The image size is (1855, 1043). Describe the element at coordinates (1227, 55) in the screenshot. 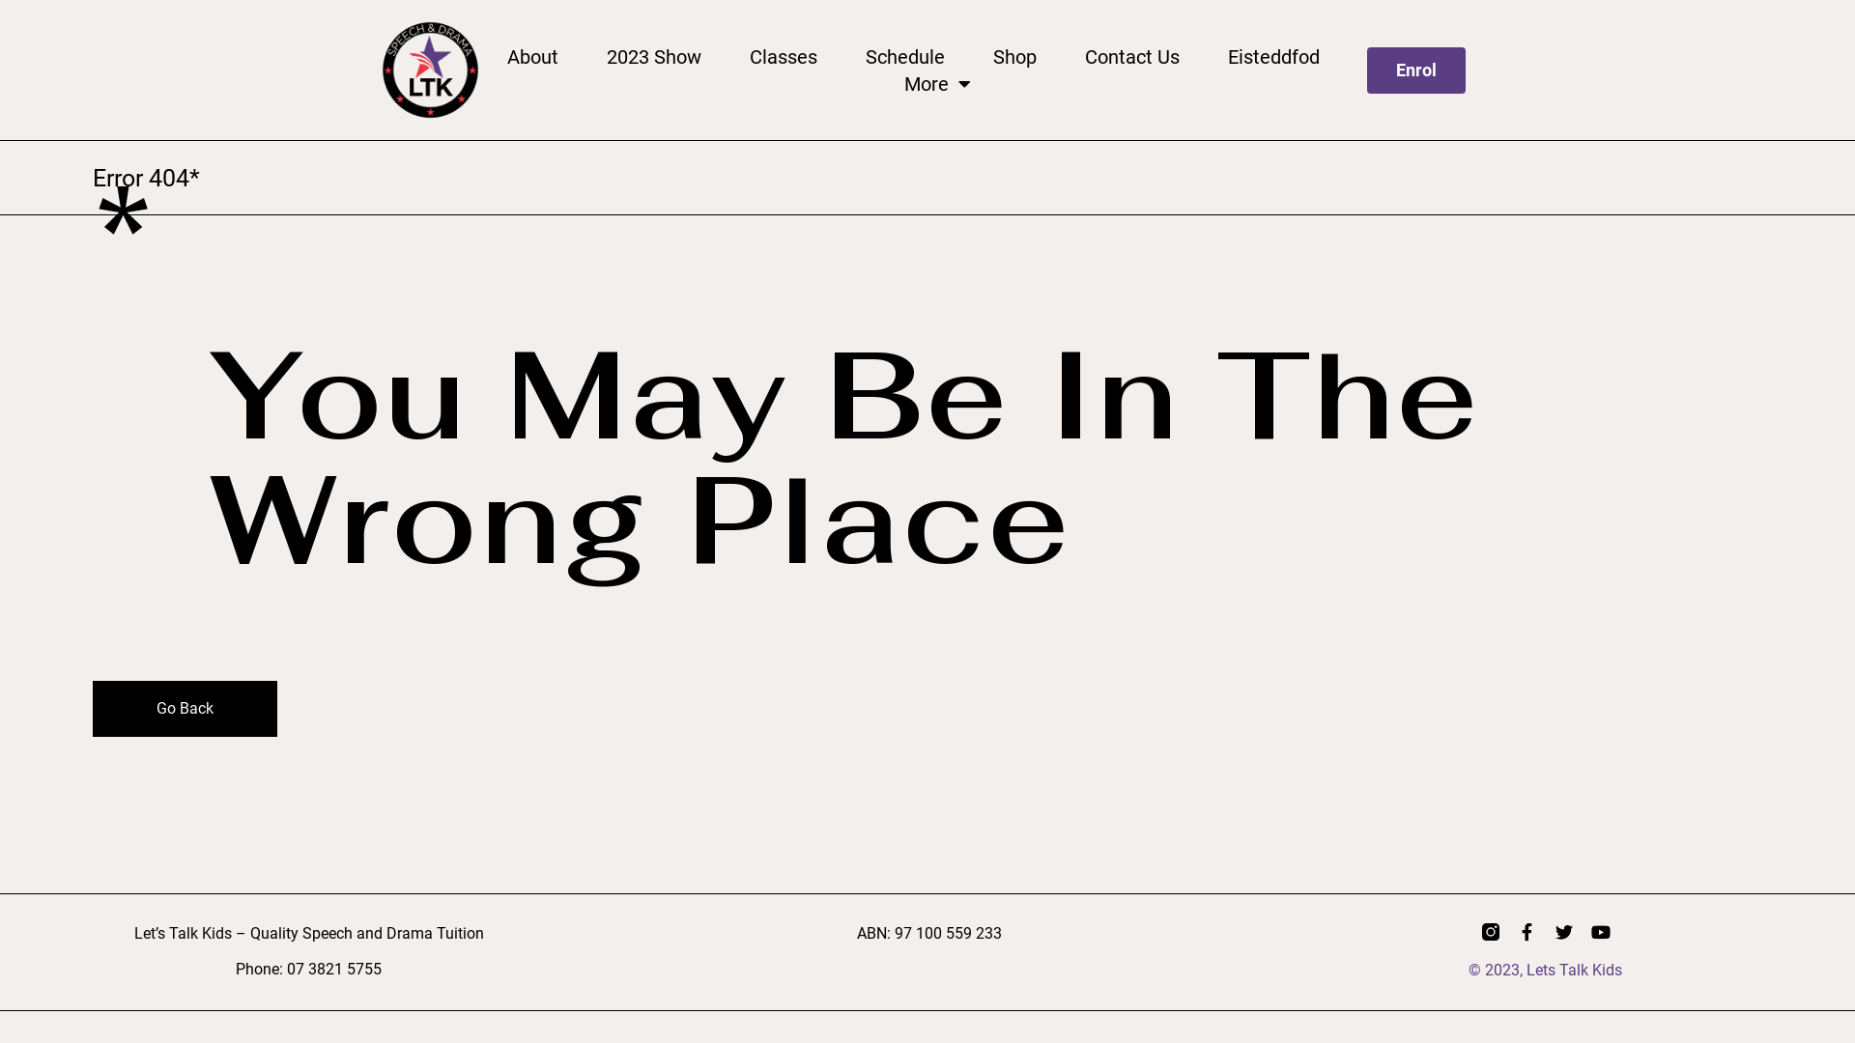

I see `'Eisteddfod'` at that location.